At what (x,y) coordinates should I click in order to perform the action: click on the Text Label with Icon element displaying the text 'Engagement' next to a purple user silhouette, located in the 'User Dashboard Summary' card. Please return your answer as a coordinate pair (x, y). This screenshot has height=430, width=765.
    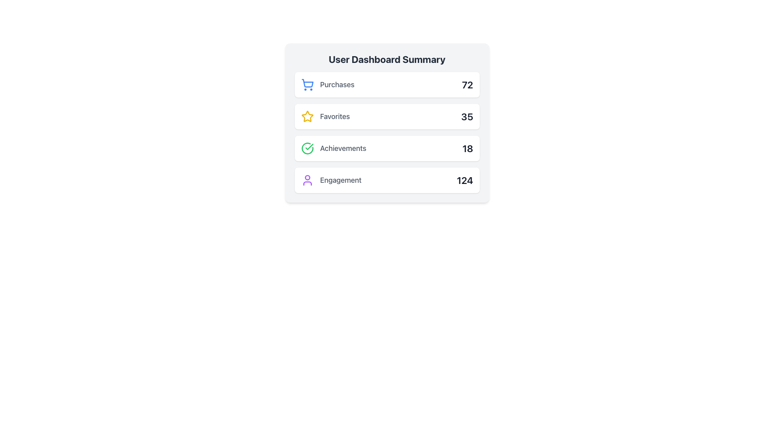
    Looking at the image, I should click on (331, 180).